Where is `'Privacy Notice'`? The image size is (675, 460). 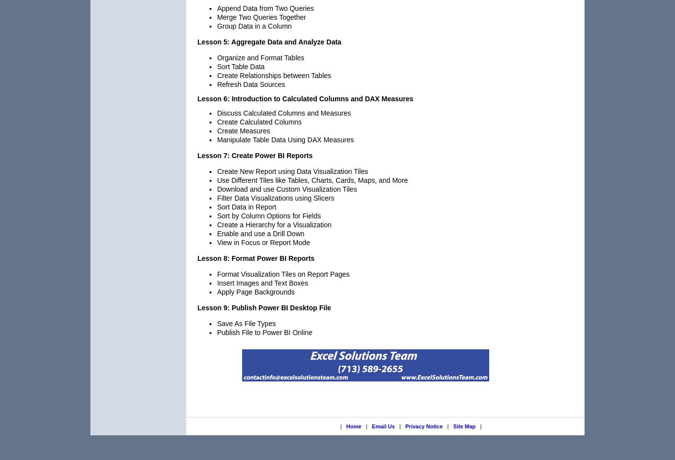
'Privacy Notice' is located at coordinates (405, 426).